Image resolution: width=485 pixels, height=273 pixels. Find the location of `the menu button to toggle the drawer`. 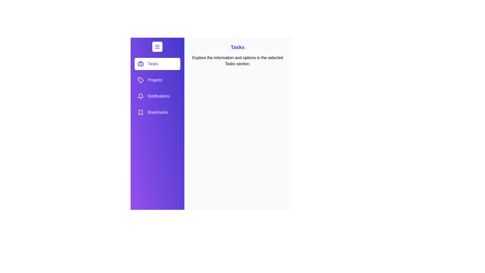

the menu button to toggle the drawer is located at coordinates (157, 47).